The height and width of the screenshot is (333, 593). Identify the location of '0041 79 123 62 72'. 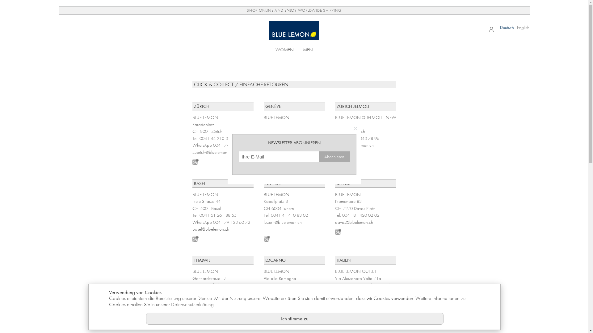
(231, 222).